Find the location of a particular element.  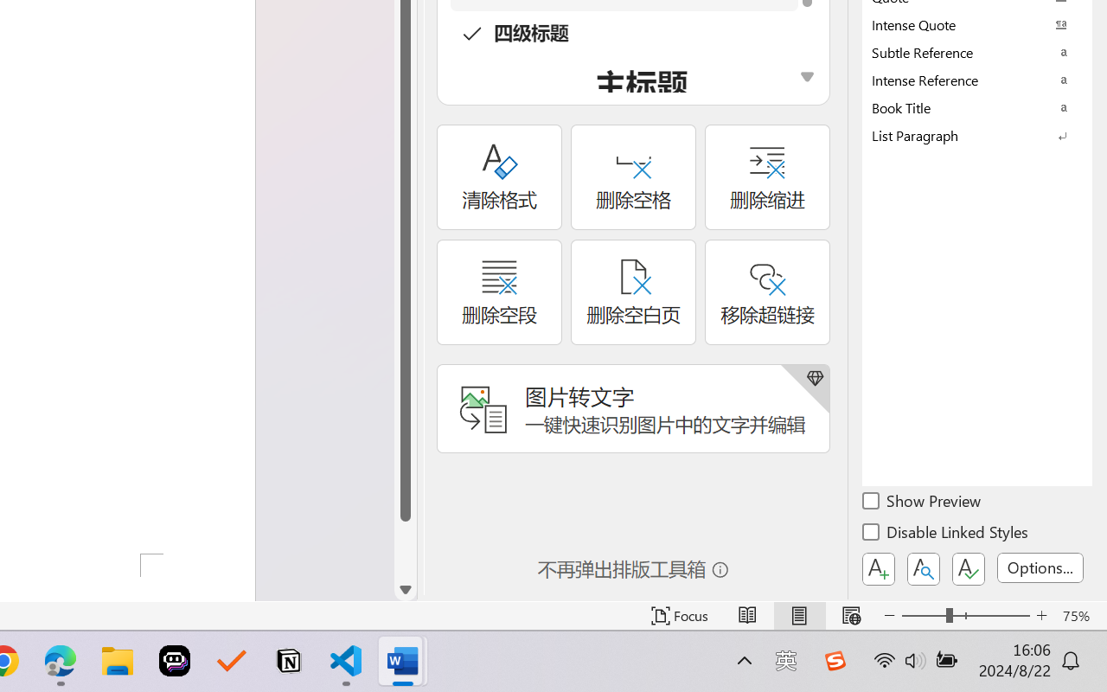

'Zoom Out' is located at coordinates (923, 615).